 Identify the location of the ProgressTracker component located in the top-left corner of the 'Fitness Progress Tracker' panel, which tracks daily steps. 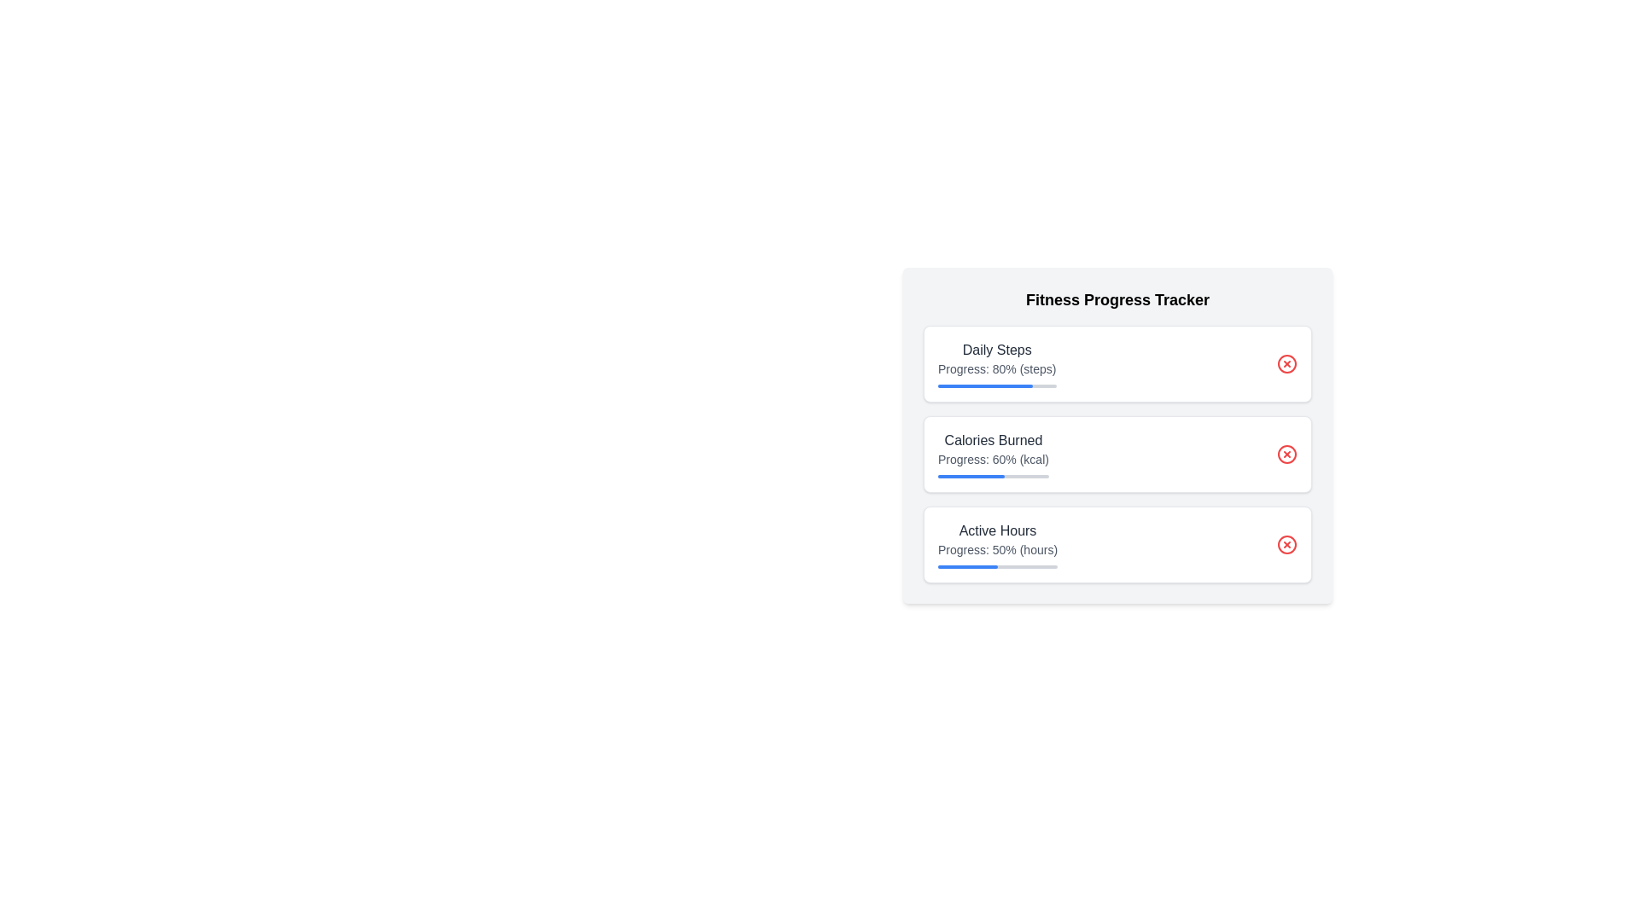
(997, 363).